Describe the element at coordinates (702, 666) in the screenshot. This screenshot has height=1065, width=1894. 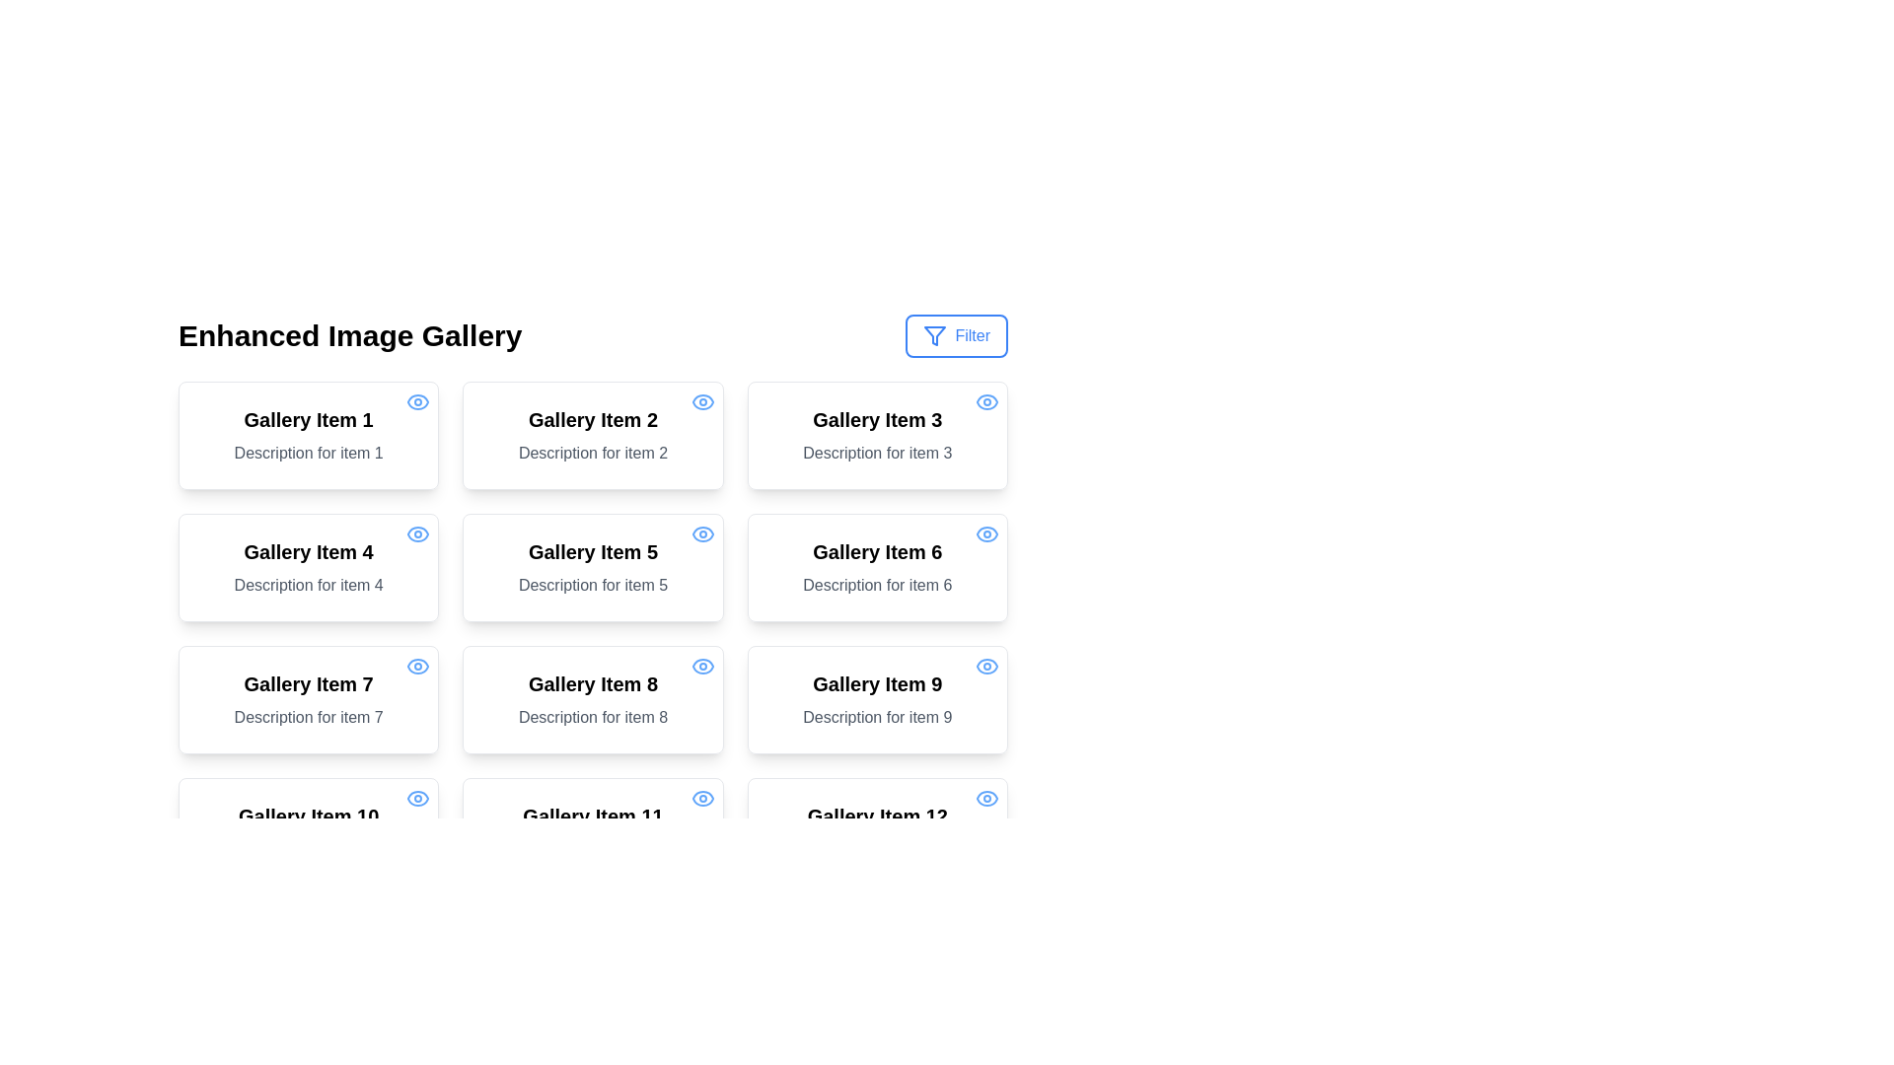
I see `the visibility icon located in the top-right corner of the card labeled 'Gallery Item 8' in the third row of the gallery grid` at that location.